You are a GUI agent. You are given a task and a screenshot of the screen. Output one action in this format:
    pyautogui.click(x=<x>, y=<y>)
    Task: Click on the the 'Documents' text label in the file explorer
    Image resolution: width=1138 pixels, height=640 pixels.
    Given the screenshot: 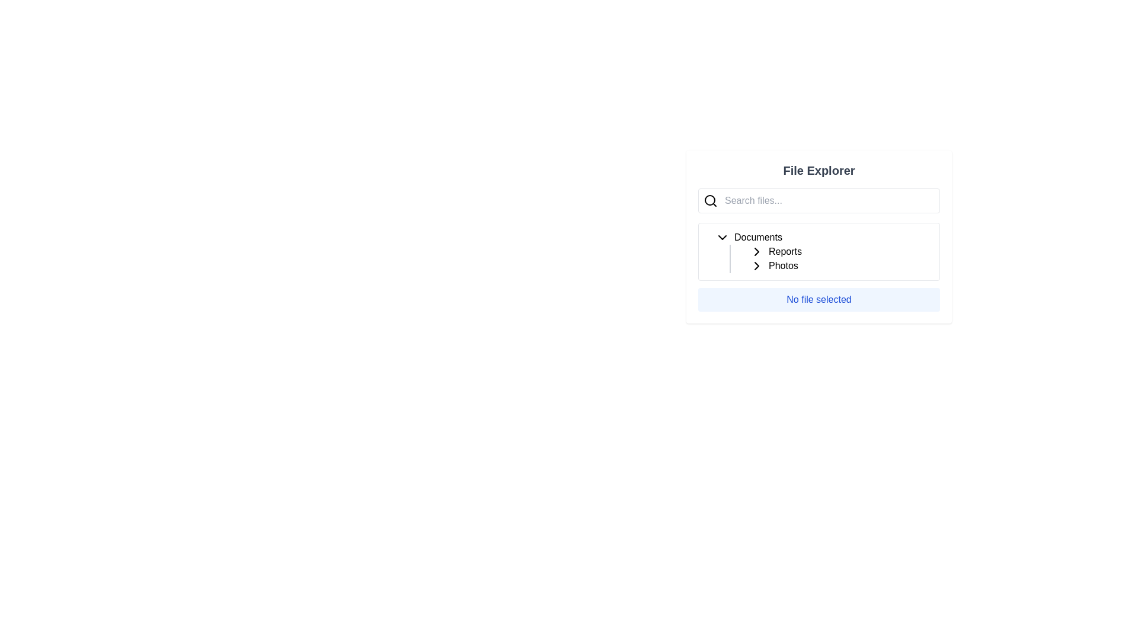 What is the action you would take?
    pyautogui.click(x=757, y=238)
    